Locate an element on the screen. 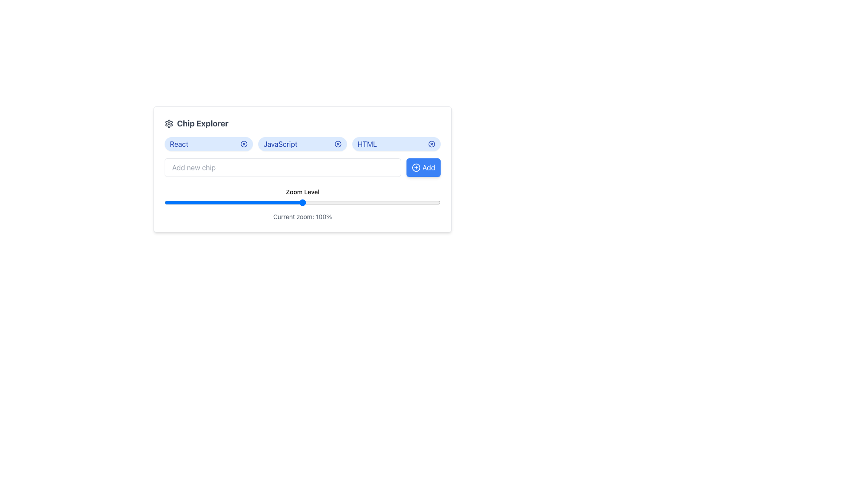 The image size is (852, 479). the second chip labeled 'JavaScript' within the Chip group is located at coordinates (302, 143).